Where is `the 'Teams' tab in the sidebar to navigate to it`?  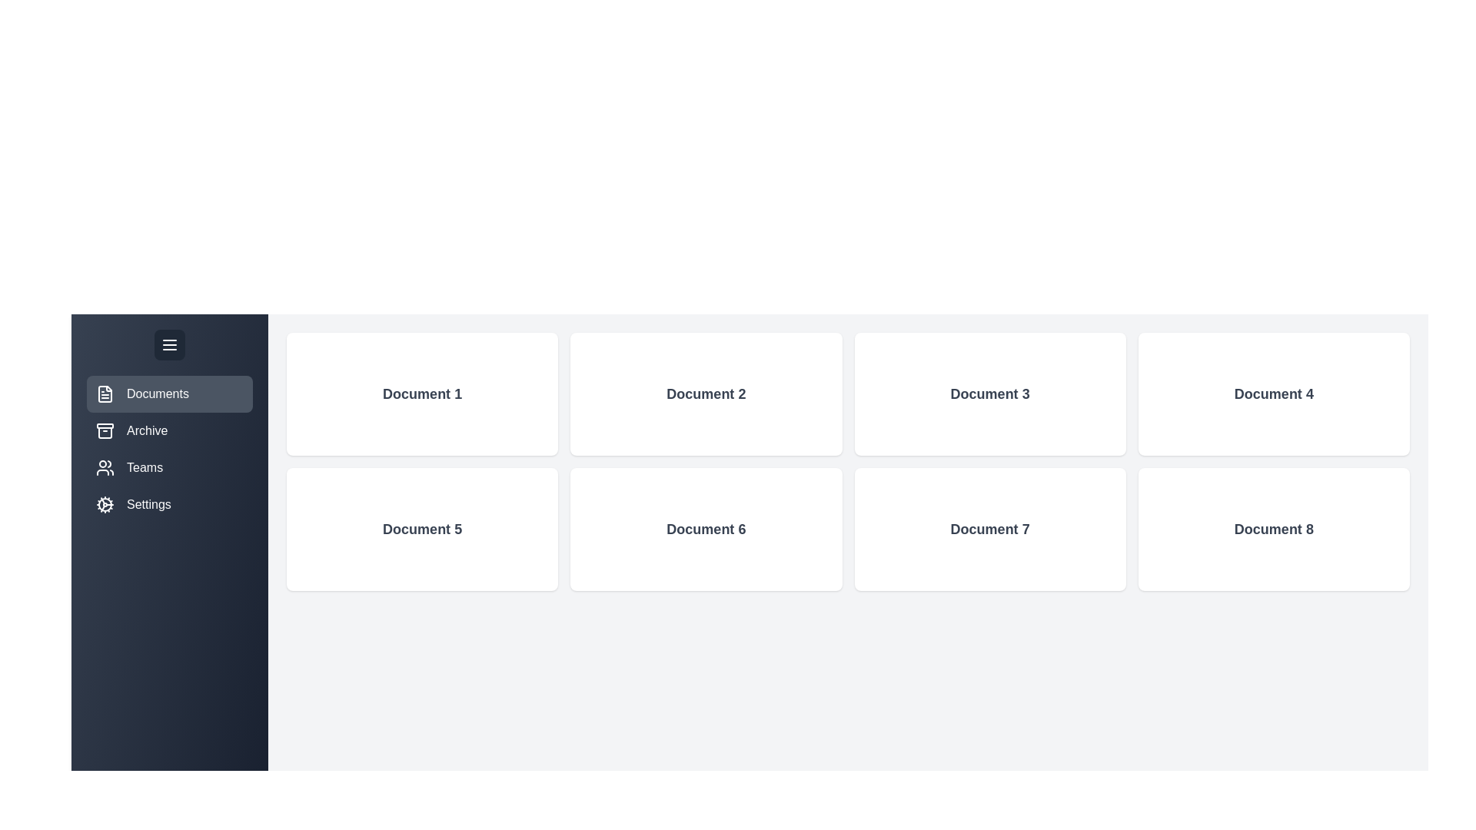 the 'Teams' tab in the sidebar to navigate to it is located at coordinates (169, 467).